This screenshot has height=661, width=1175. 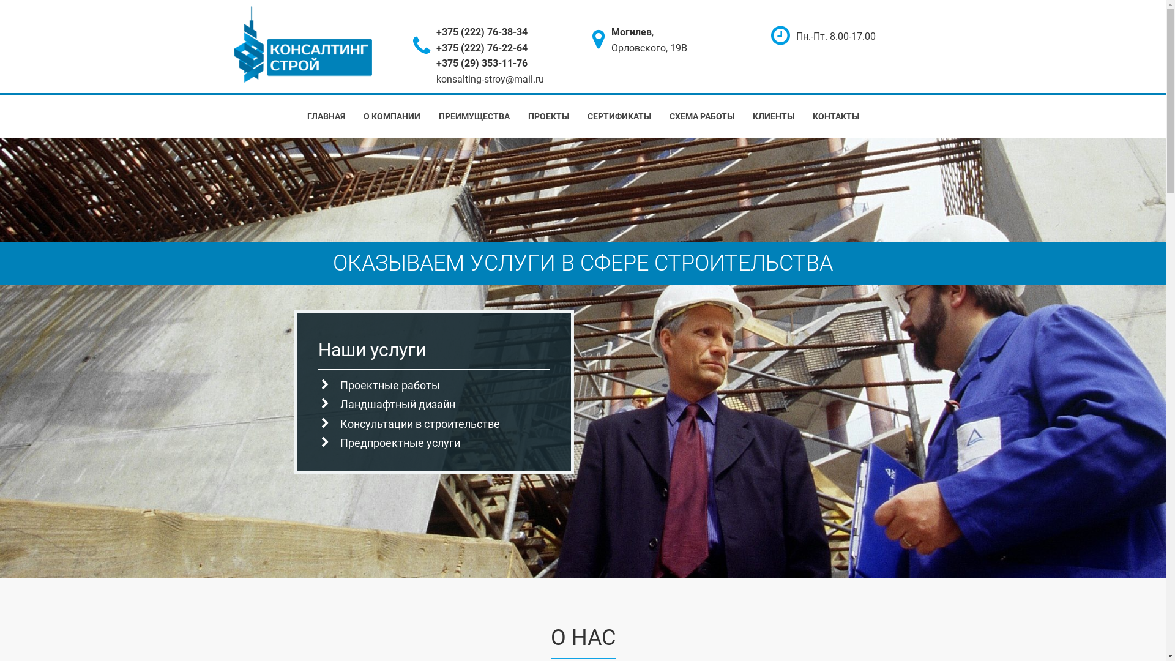 I want to click on '+375 (222) 76-22-64', so click(x=481, y=47).